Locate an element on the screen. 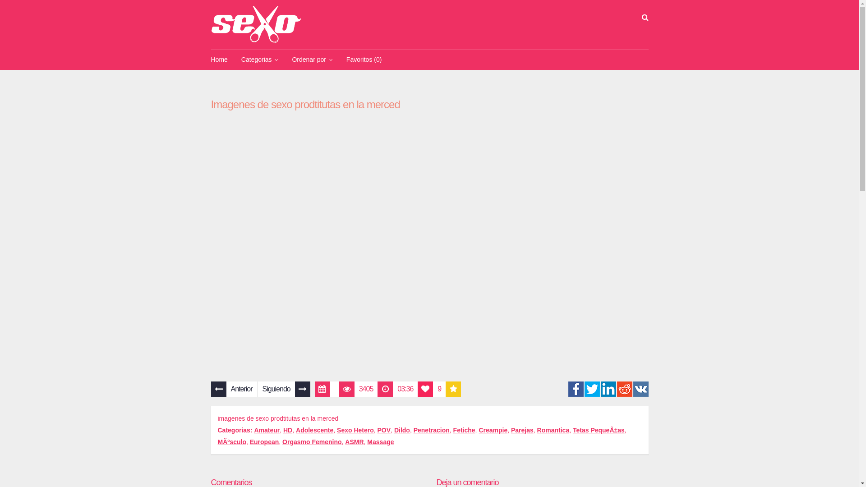  'Romantica' is located at coordinates (553, 429).